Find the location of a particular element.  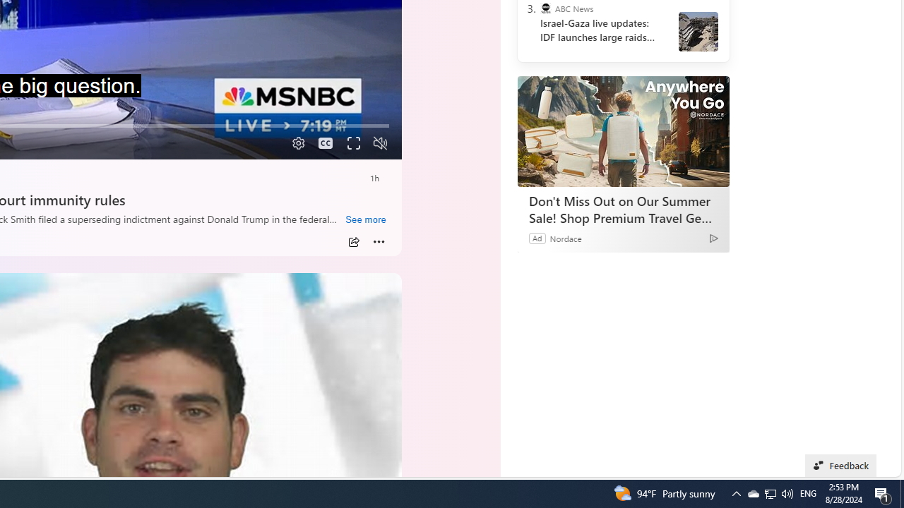

'Unmute' is located at coordinates (380, 143).